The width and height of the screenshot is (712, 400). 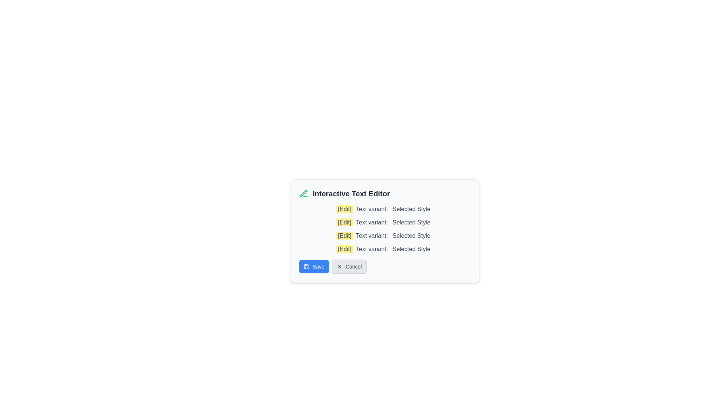 I want to click on the text label that conveys the currently selected style, positioned to the right of the '[Edit]' button in the 'Interactive Text Editor' section, so click(x=411, y=209).